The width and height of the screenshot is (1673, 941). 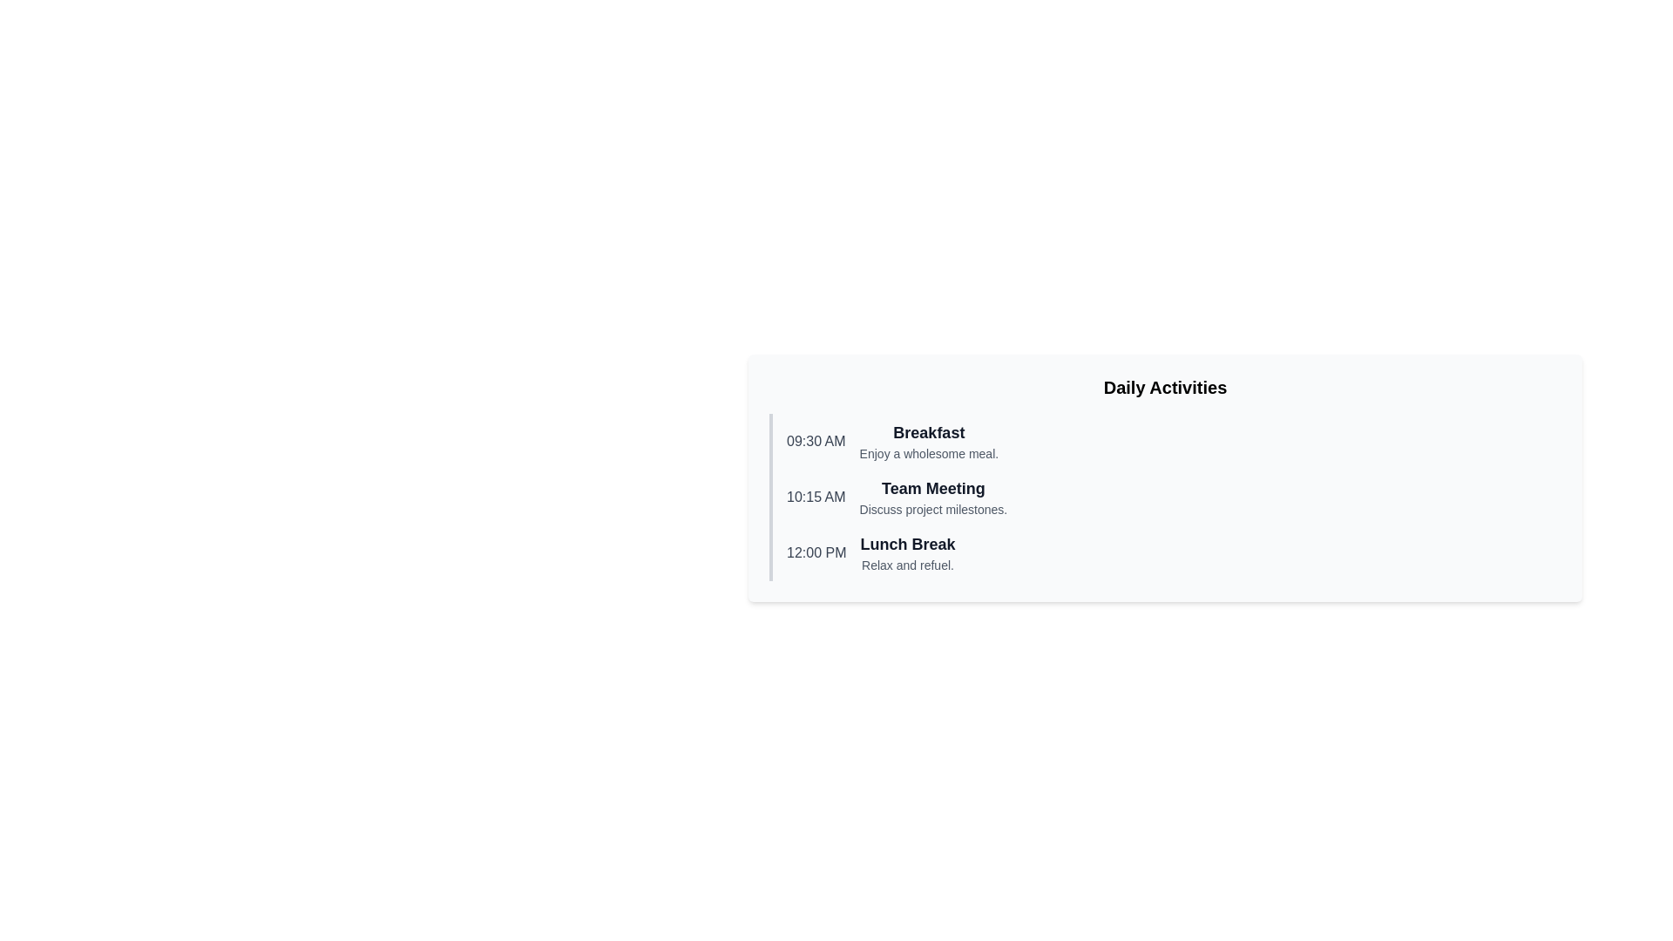 What do you see at coordinates (928, 440) in the screenshot?
I see `text of the scheduled activity titled 'Breakfast' located in the 'Daily Activities' section, which is positioned to the right of '09:30 AM'` at bounding box center [928, 440].